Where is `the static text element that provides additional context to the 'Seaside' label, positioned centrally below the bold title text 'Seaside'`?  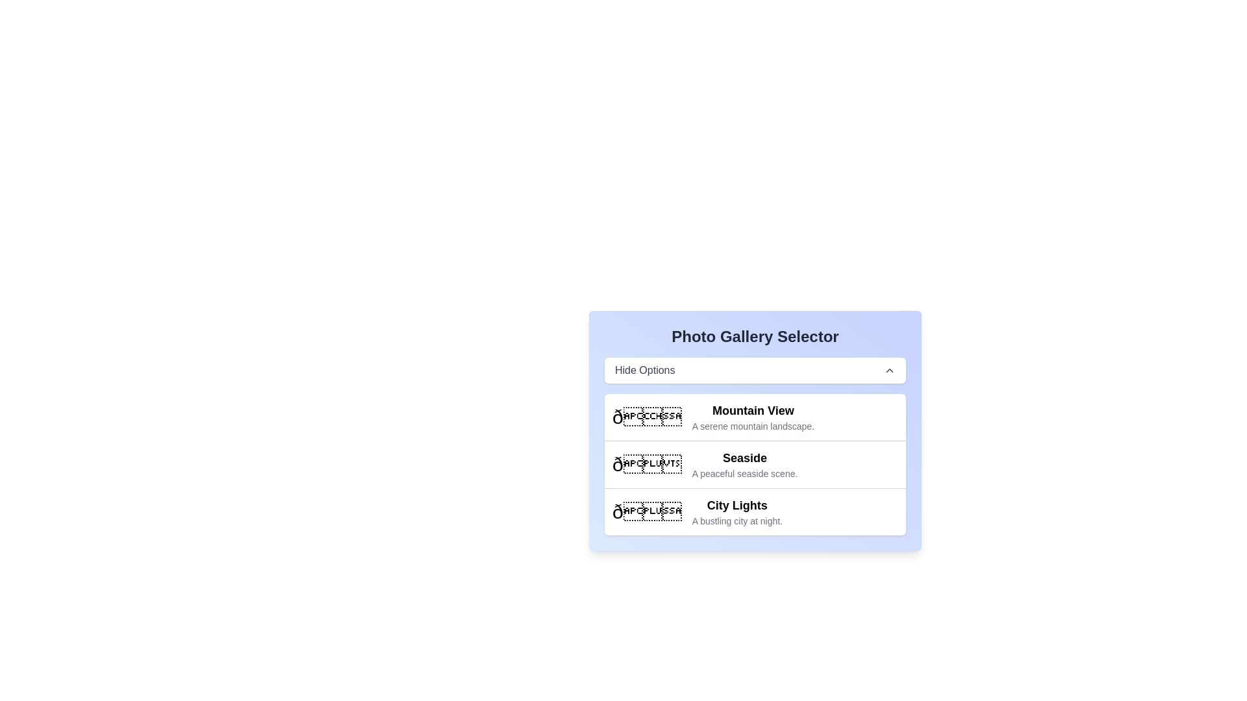 the static text element that provides additional context to the 'Seaside' label, positioned centrally below the bold title text 'Seaside' is located at coordinates (745, 473).